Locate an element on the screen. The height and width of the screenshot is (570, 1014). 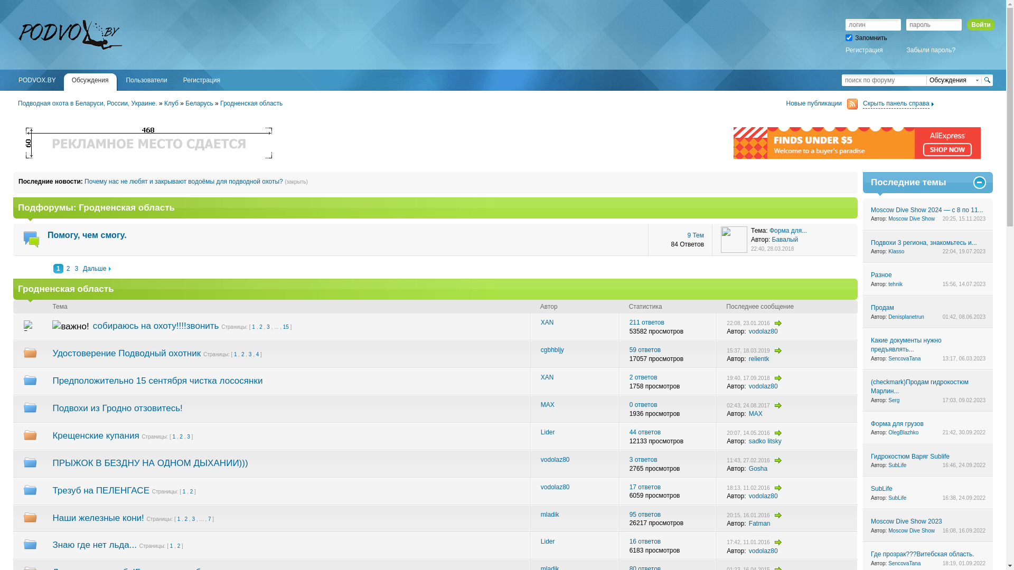
'Lider' is located at coordinates (548, 541).